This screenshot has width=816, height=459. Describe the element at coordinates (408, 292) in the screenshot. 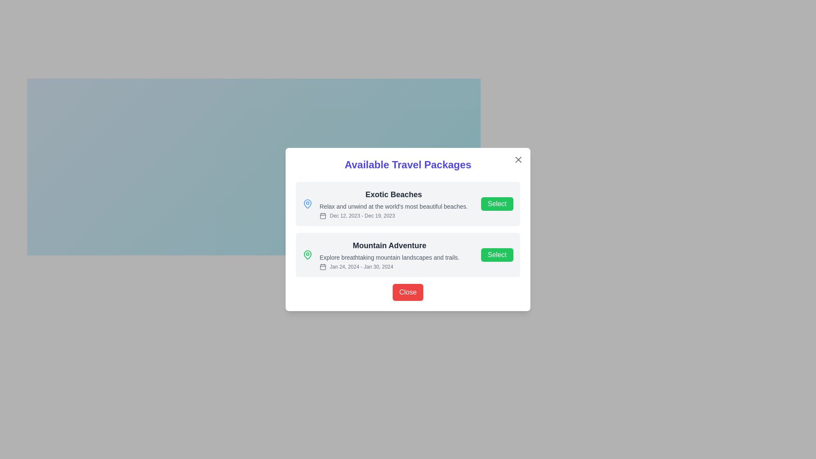

I see `the red button with rounded corners labeled 'Close' located at the bottom of the modal dialog titled 'Available Travel Packages'` at that location.